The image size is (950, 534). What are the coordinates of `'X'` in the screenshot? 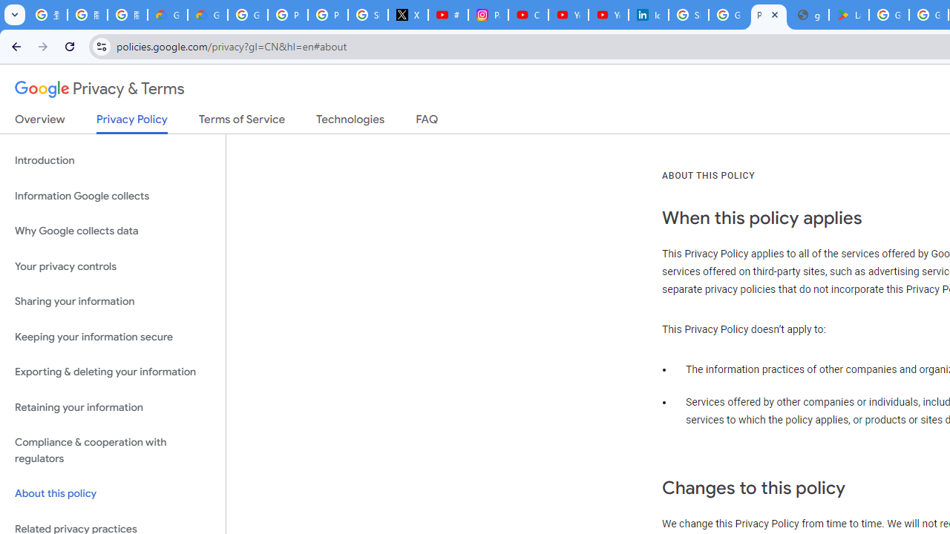 It's located at (408, 15).